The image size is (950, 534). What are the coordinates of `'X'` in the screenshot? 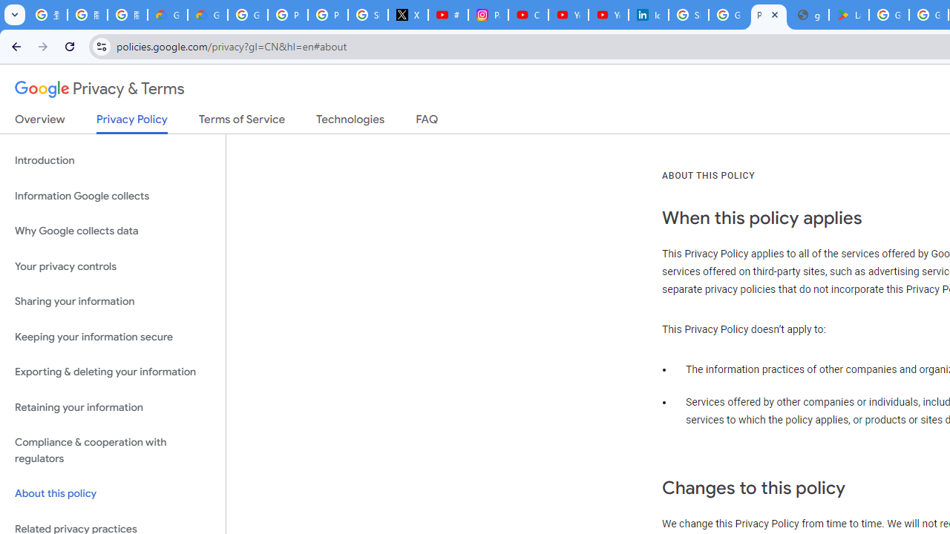 It's located at (408, 15).